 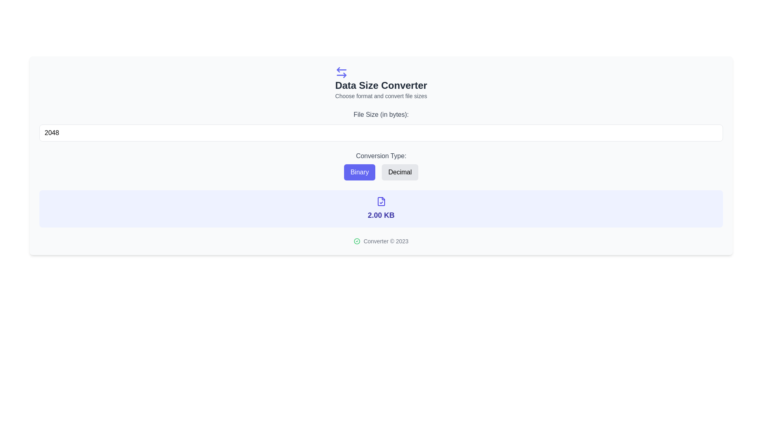 What do you see at coordinates (381, 95) in the screenshot?
I see `the Text Label displaying 'Choose format and convert file sizes', which is styled in smaller gray font and located beneath the title 'Data Size Converter'` at bounding box center [381, 95].